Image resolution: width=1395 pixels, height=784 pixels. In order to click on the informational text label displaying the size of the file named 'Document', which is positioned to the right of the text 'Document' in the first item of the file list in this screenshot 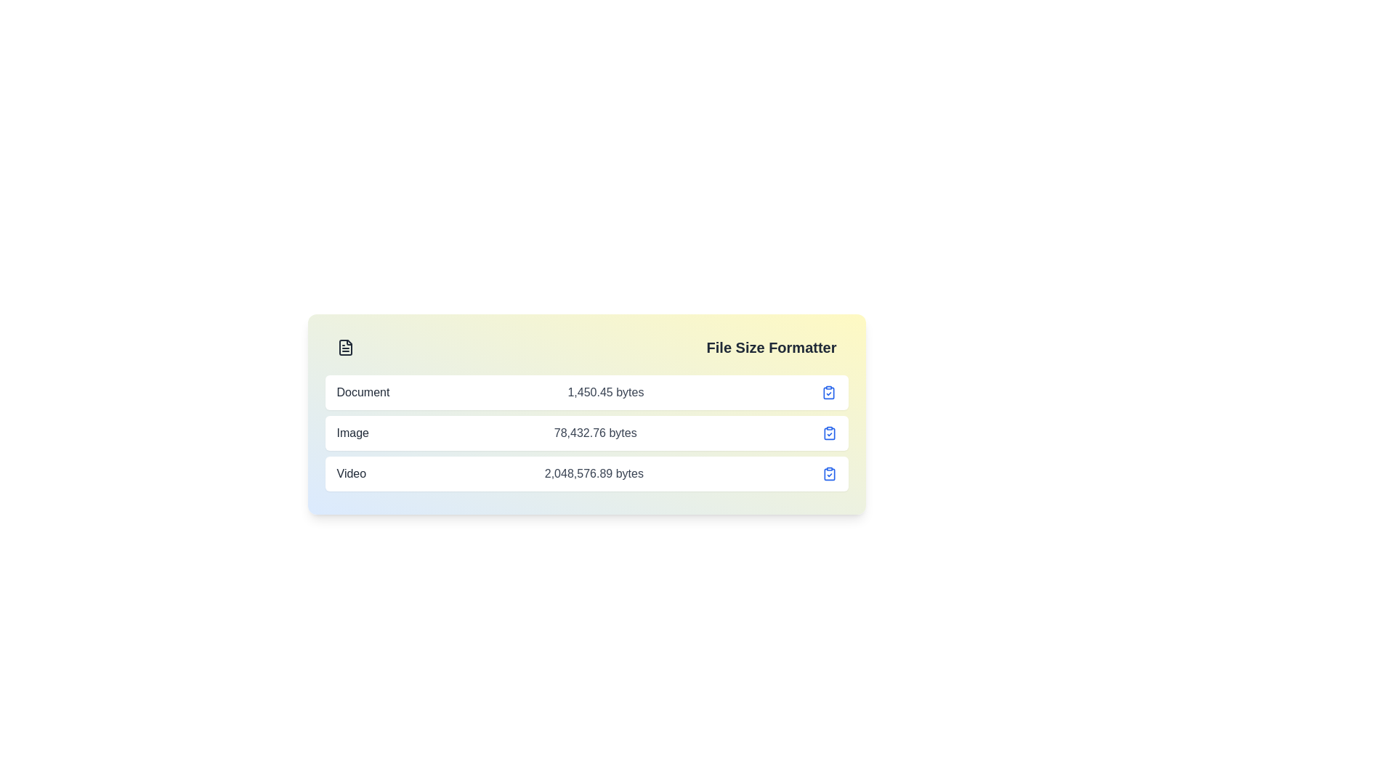, I will do `click(605, 392)`.